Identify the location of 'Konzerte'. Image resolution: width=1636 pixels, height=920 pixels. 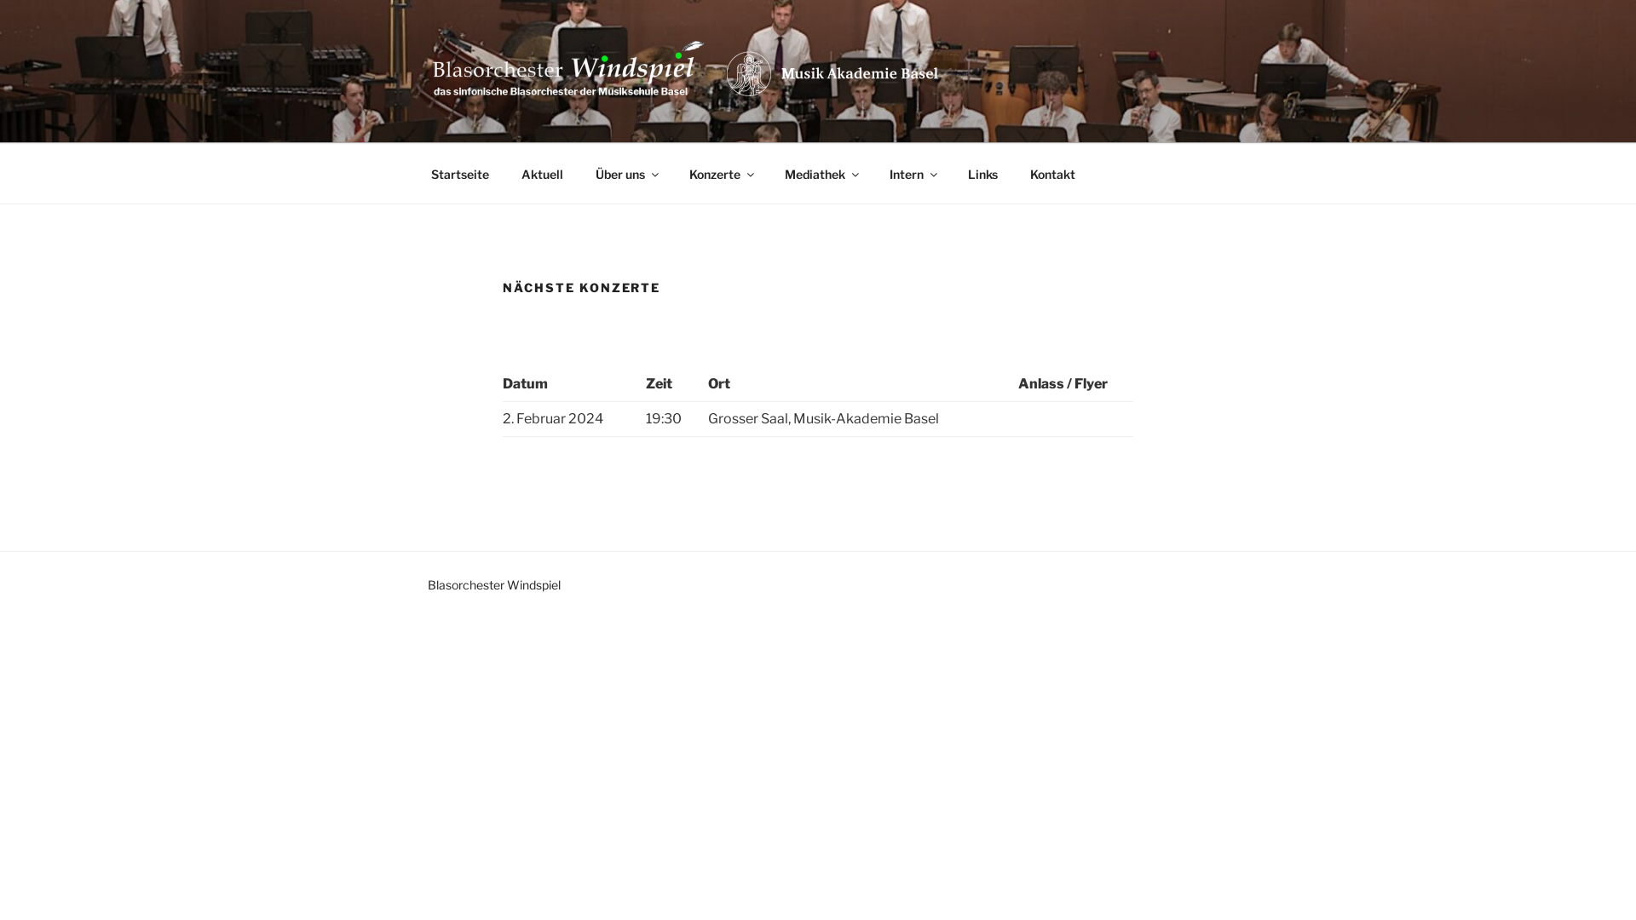
(720, 174).